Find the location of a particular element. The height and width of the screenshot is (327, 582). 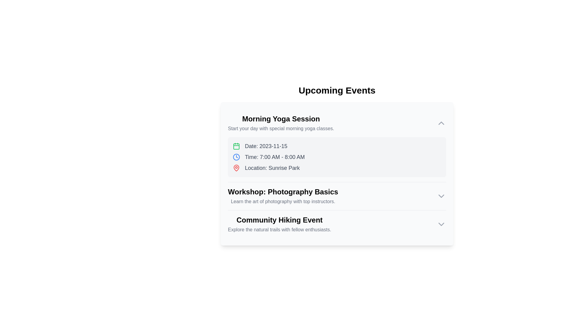

the interactive icon located in the 'Community Hiking Event' section is located at coordinates (441, 224).